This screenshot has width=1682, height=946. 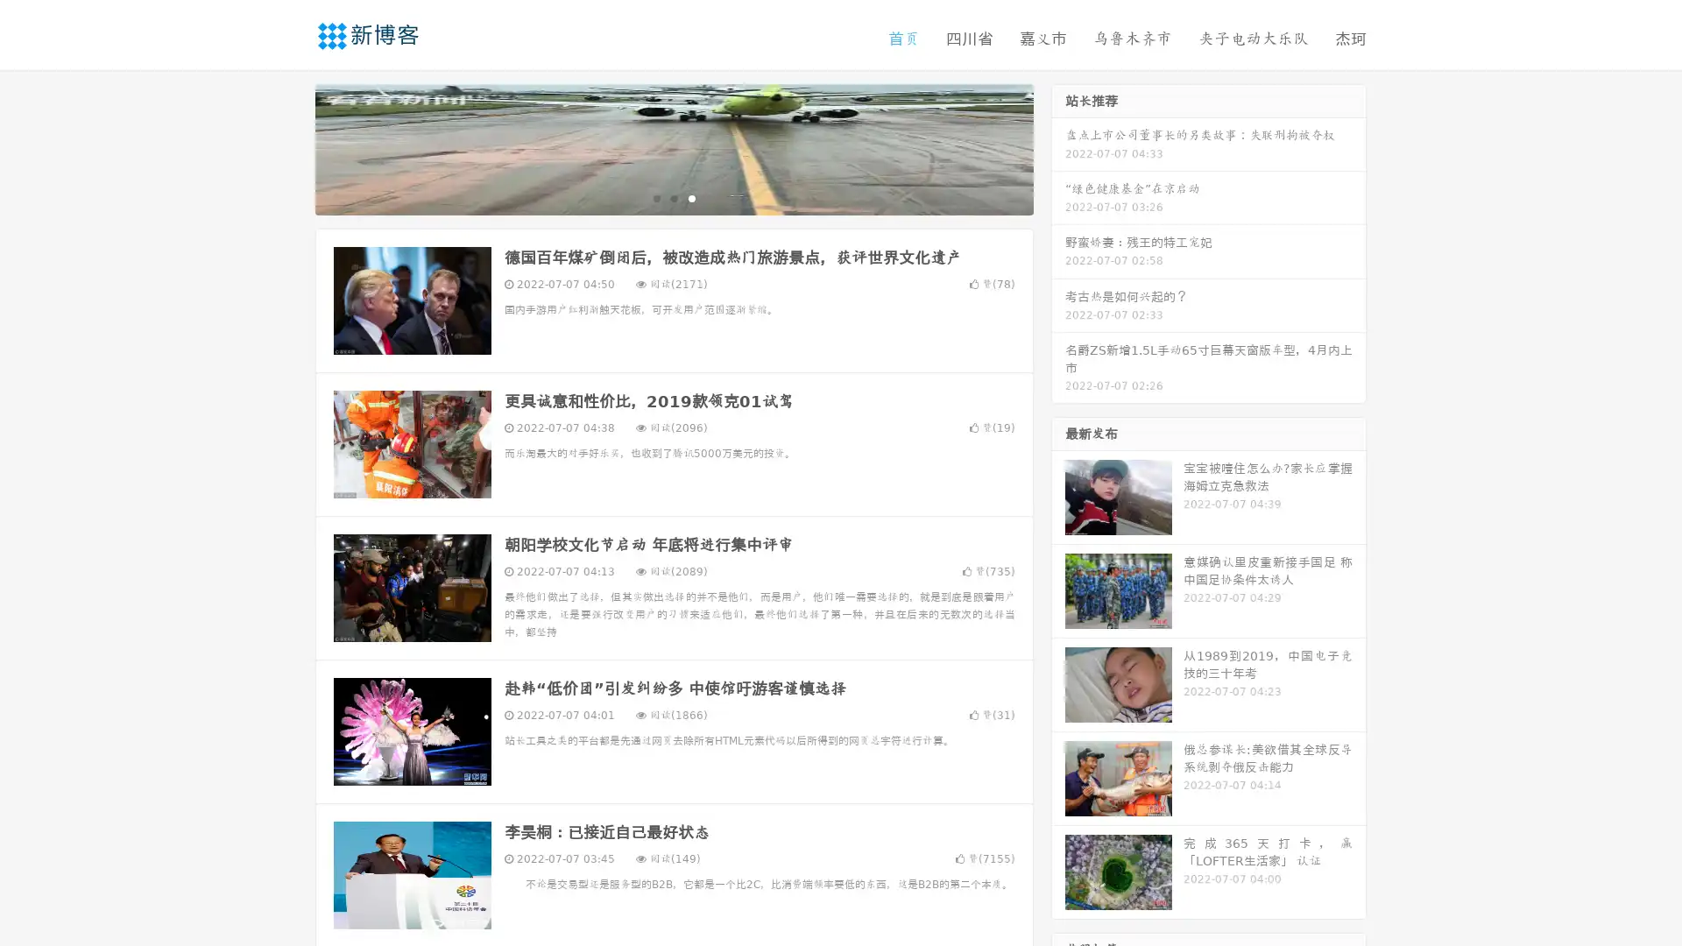 What do you see at coordinates (691, 197) in the screenshot?
I see `Go to slide 3` at bounding box center [691, 197].